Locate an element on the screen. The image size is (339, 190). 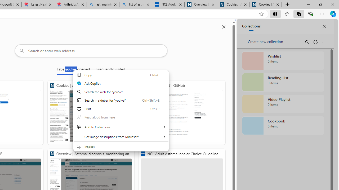
'Read aloud from here' is located at coordinates (121, 117).